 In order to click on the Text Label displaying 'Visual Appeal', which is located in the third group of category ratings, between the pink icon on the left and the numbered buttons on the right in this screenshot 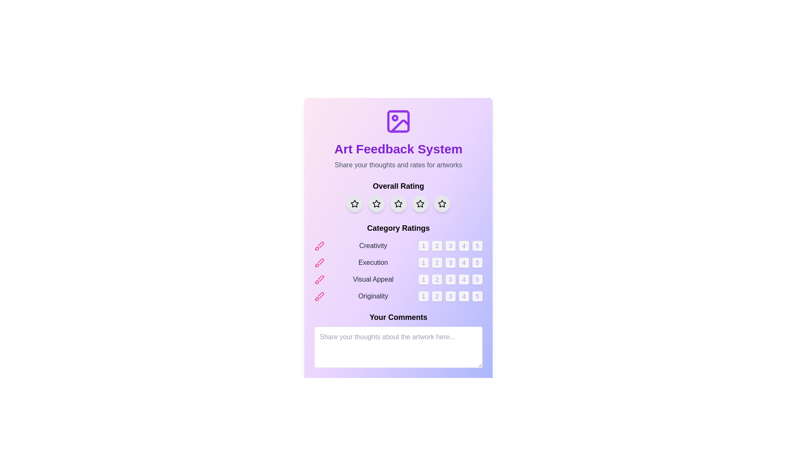, I will do `click(373, 279)`.